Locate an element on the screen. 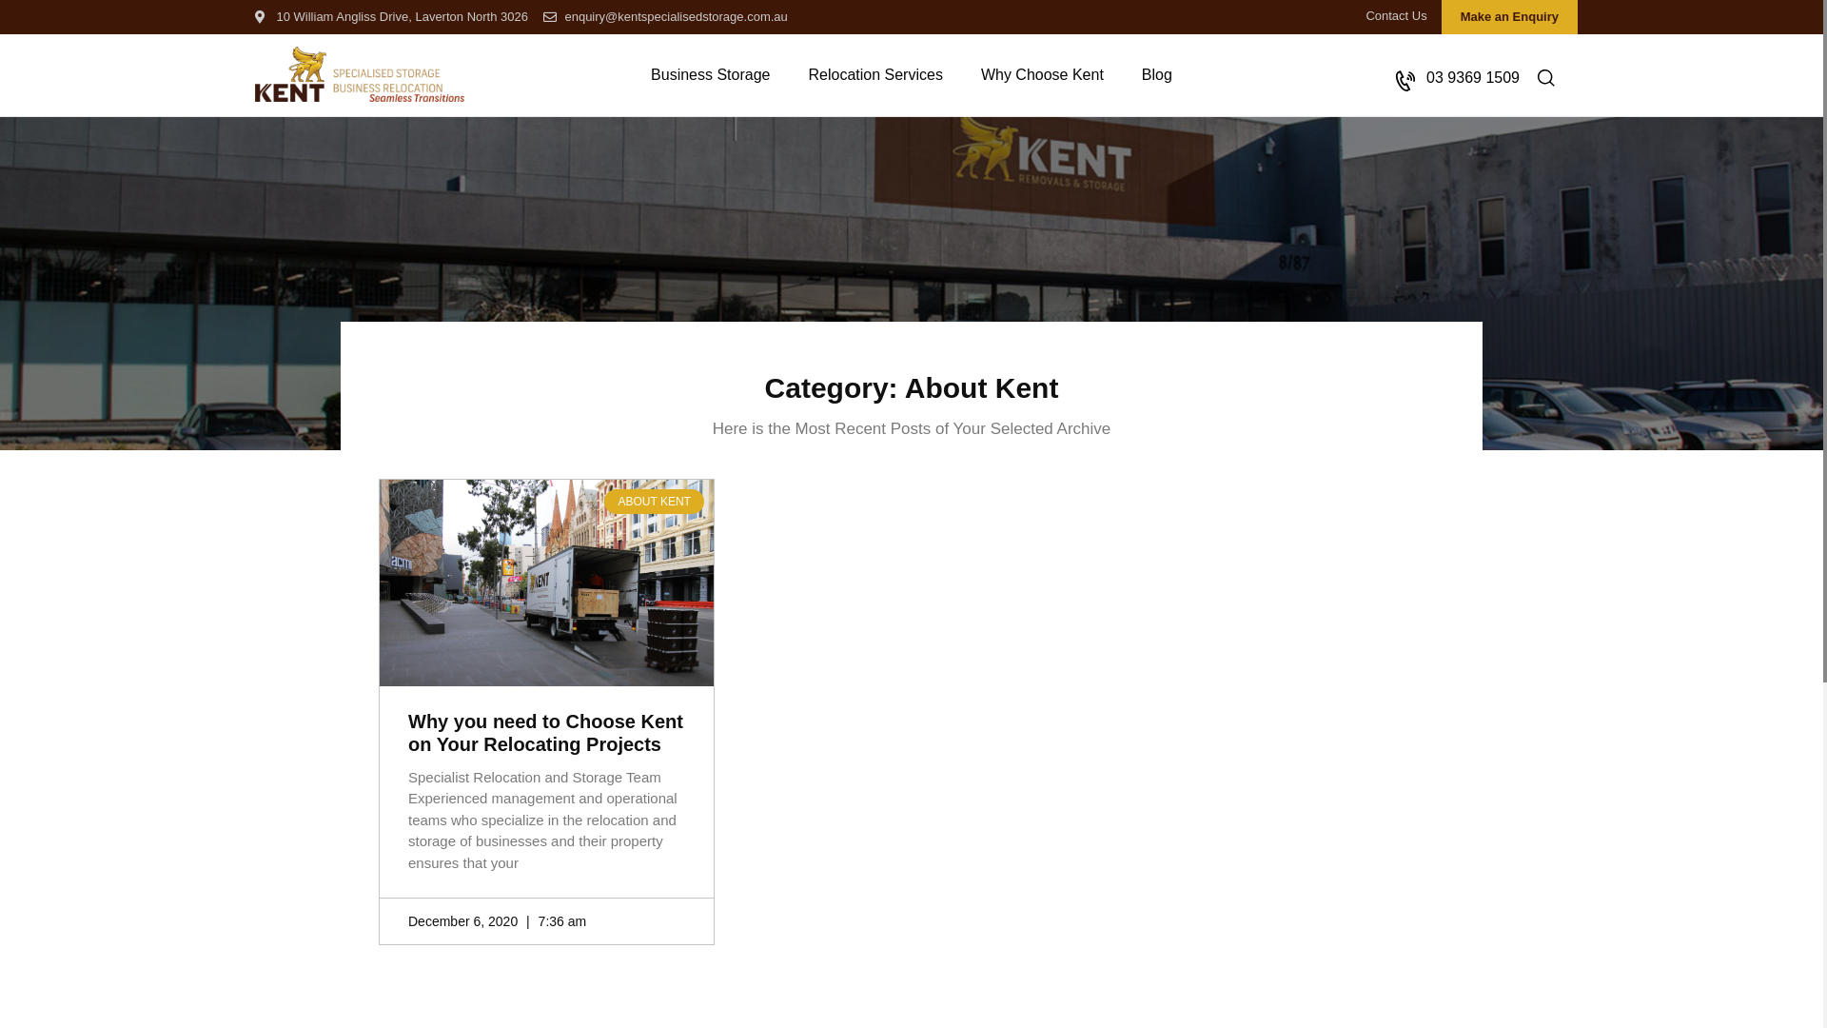 This screenshot has width=1827, height=1028. 'Relocation Services' is located at coordinates (789, 73).